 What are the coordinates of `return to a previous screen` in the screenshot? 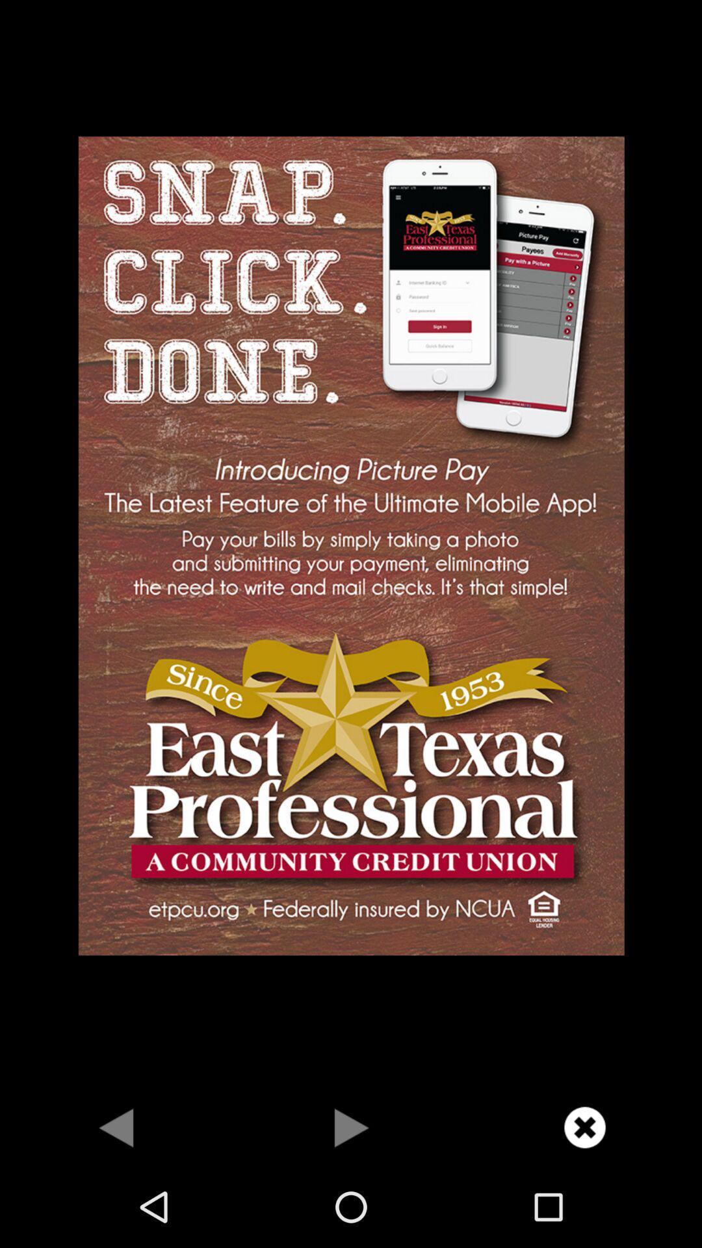 It's located at (117, 1126).